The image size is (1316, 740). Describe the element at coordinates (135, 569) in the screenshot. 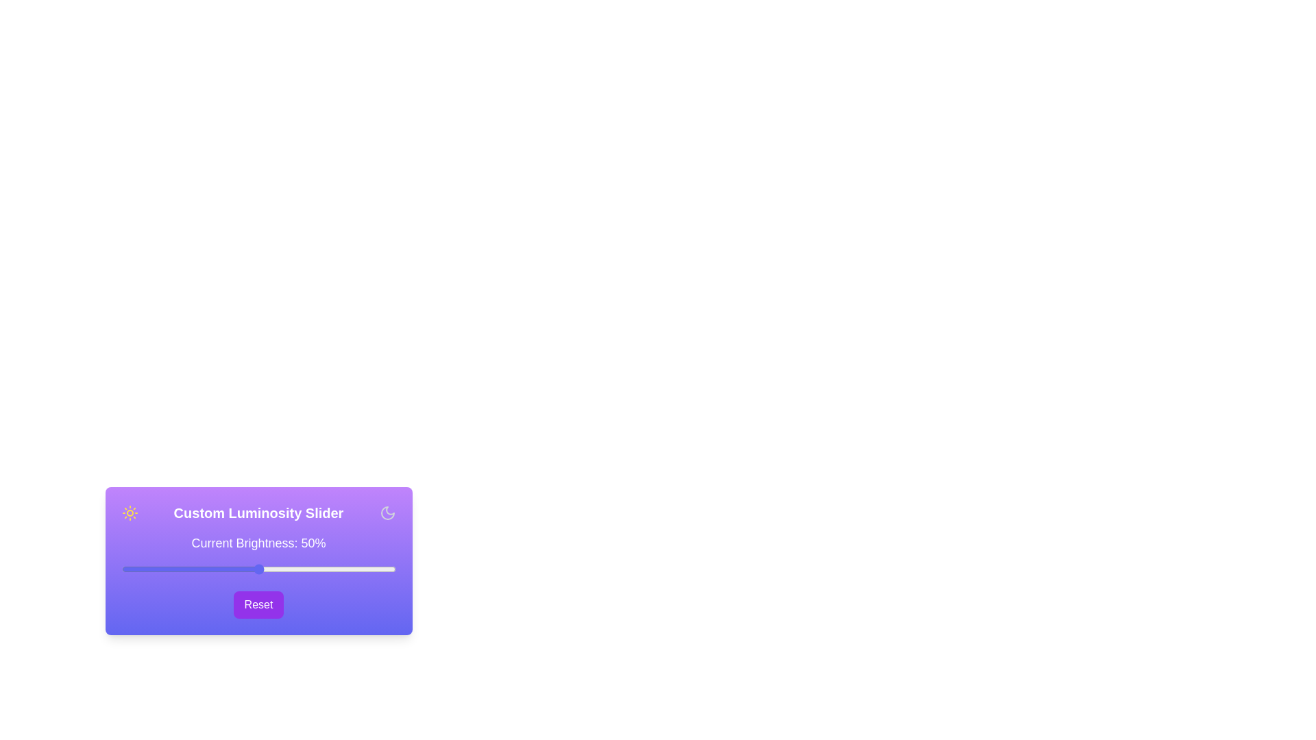

I see `brightness` at that location.